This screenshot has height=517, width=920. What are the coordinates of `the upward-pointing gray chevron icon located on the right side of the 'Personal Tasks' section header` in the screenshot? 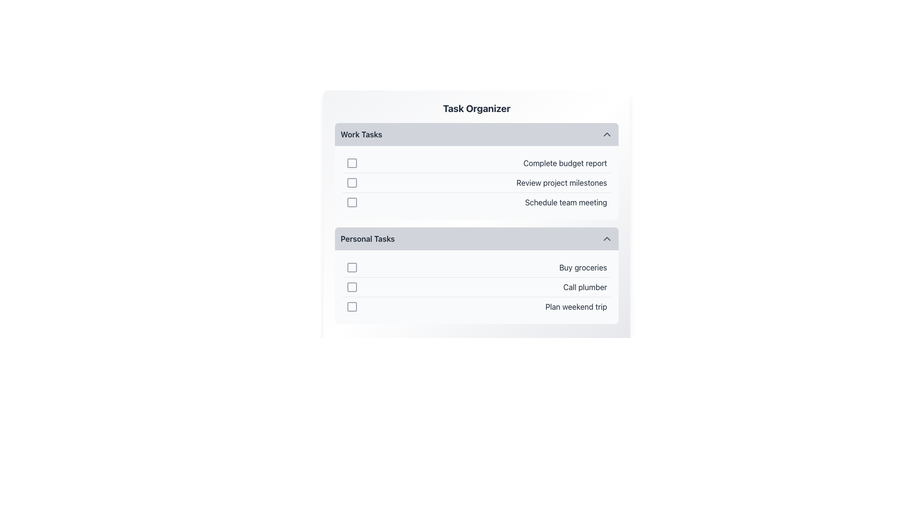 It's located at (607, 238).